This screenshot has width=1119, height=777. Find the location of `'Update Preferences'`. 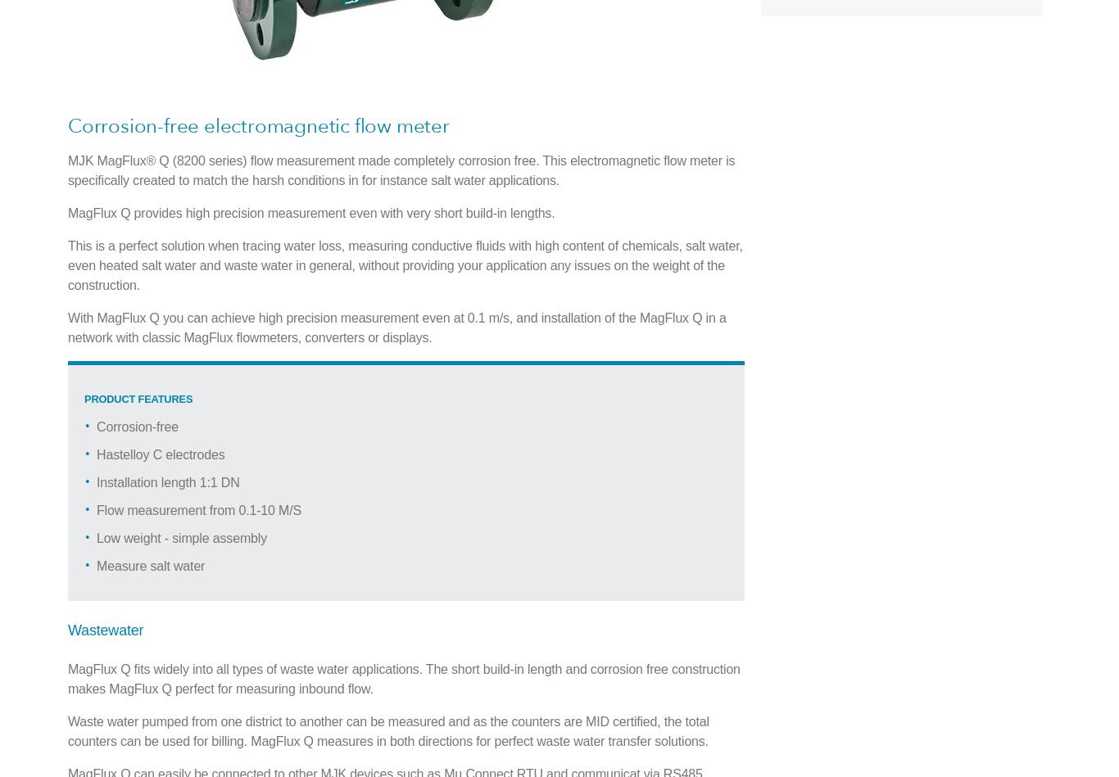

'Update Preferences' is located at coordinates (709, 511).